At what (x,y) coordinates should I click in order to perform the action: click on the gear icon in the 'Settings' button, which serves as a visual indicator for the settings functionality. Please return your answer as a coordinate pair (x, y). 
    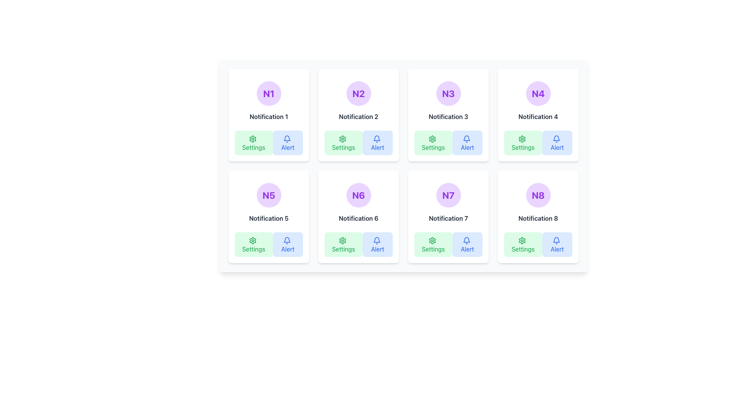
    Looking at the image, I should click on (253, 139).